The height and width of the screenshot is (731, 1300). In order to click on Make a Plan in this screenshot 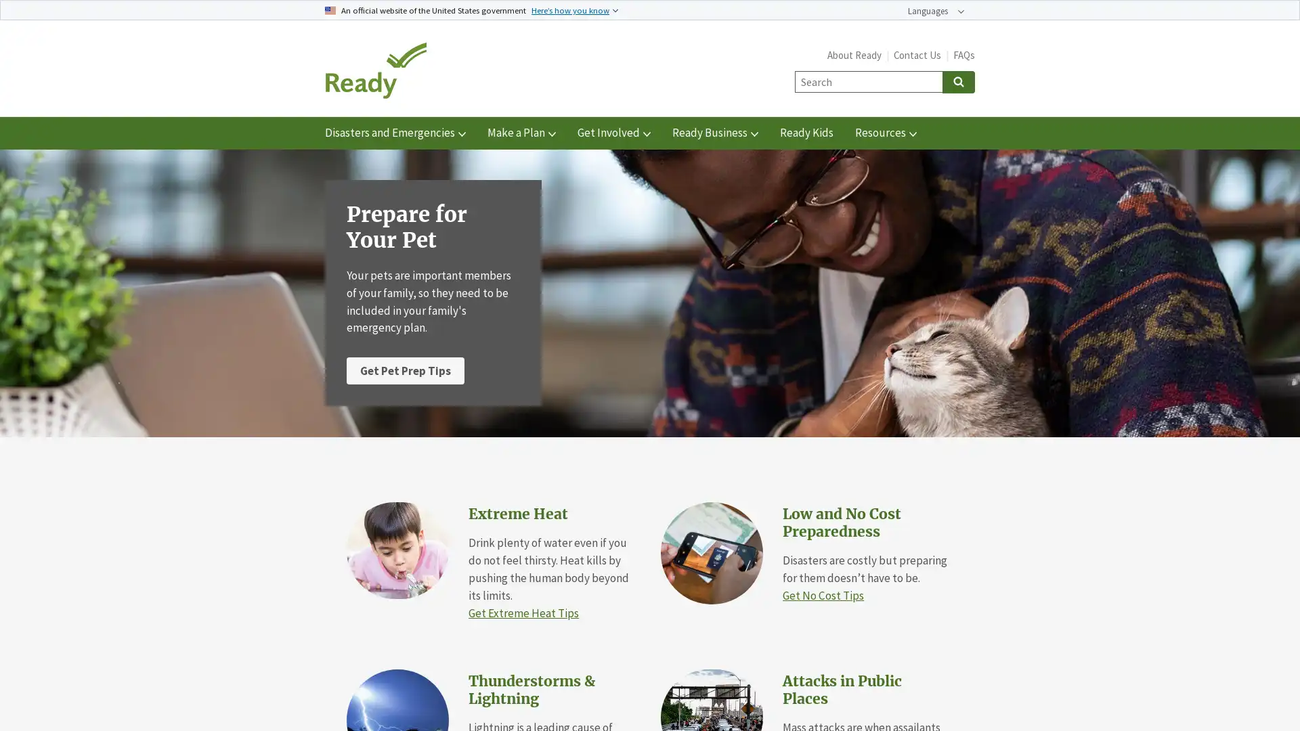, I will do `click(521, 133)`.